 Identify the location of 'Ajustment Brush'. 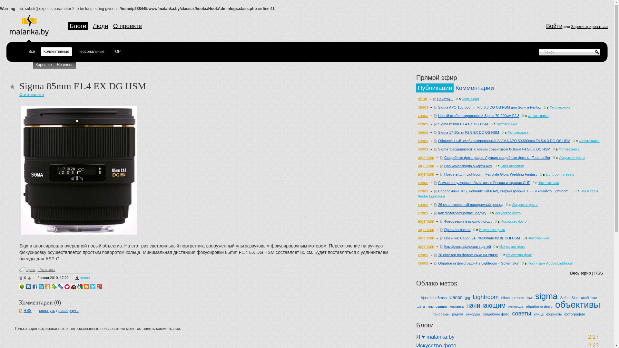
(434, 298).